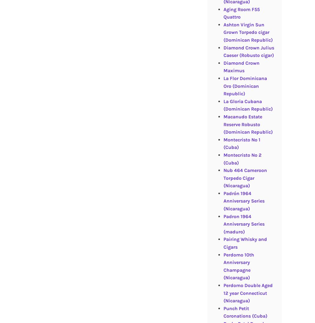 The width and height of the screenshot is (315, 323). What do you see at coordinates (248, 124) in the screenshot?
I see `'Macanudo Estate Reserve Robusto (Dominican Republic)'` at bounding box center [248, 124].